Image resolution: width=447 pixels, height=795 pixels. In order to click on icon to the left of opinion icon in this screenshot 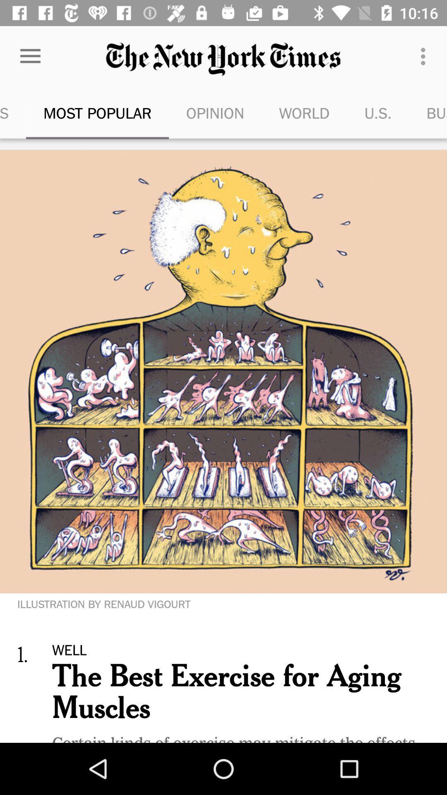, I will do `click(97, 113)`.